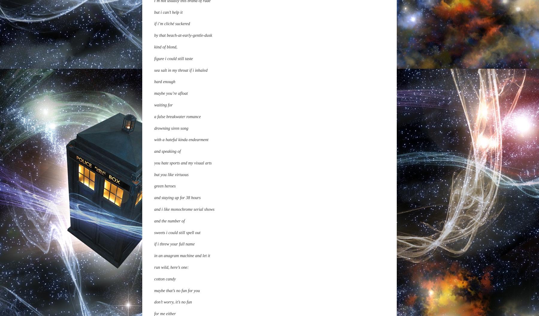  Describe the element at coordinates (173, 4) in the screenshot. I see `'June 27, 2020 · 2:31 am'` at that location.